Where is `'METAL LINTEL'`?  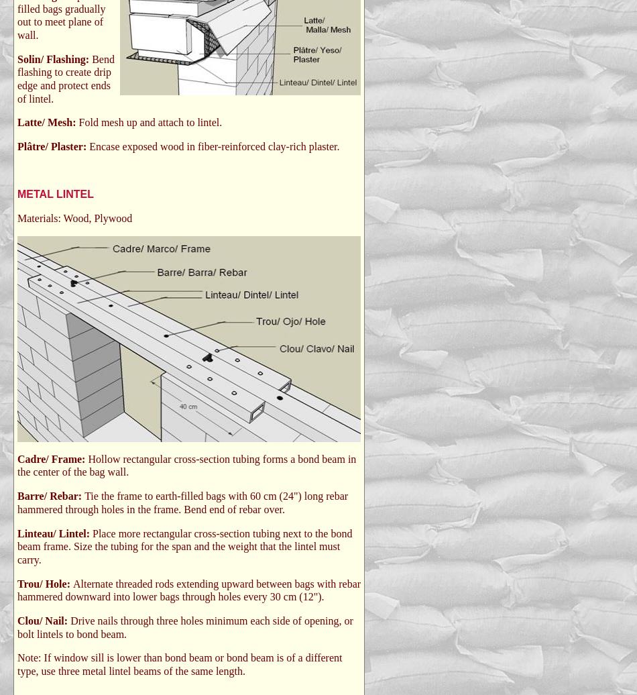 'METAL LINTEL' is located at coordinates (56, 194).